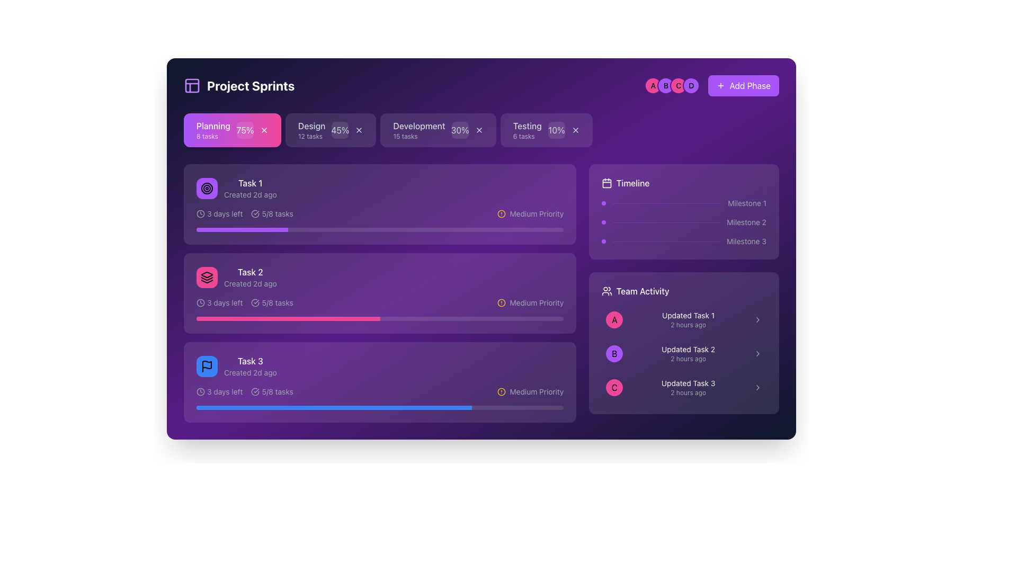  What do you see at coordinates (380, 318) in the screenshot?
I see `the progress indicated by the progress bar located within the 'Task 2' block, horizontally centered near the bottom, below the '3 days left' and '5/8 tasks' text elements` at bounding box center [380, 318].